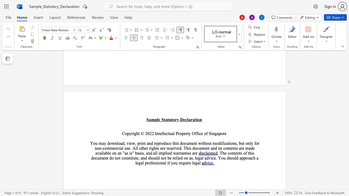 The image size is (349, 196). What do you see at coordinates (96, 148) in the screenshot?
I see `the 7th character "n" in the text` at bounding box center [96, 148].